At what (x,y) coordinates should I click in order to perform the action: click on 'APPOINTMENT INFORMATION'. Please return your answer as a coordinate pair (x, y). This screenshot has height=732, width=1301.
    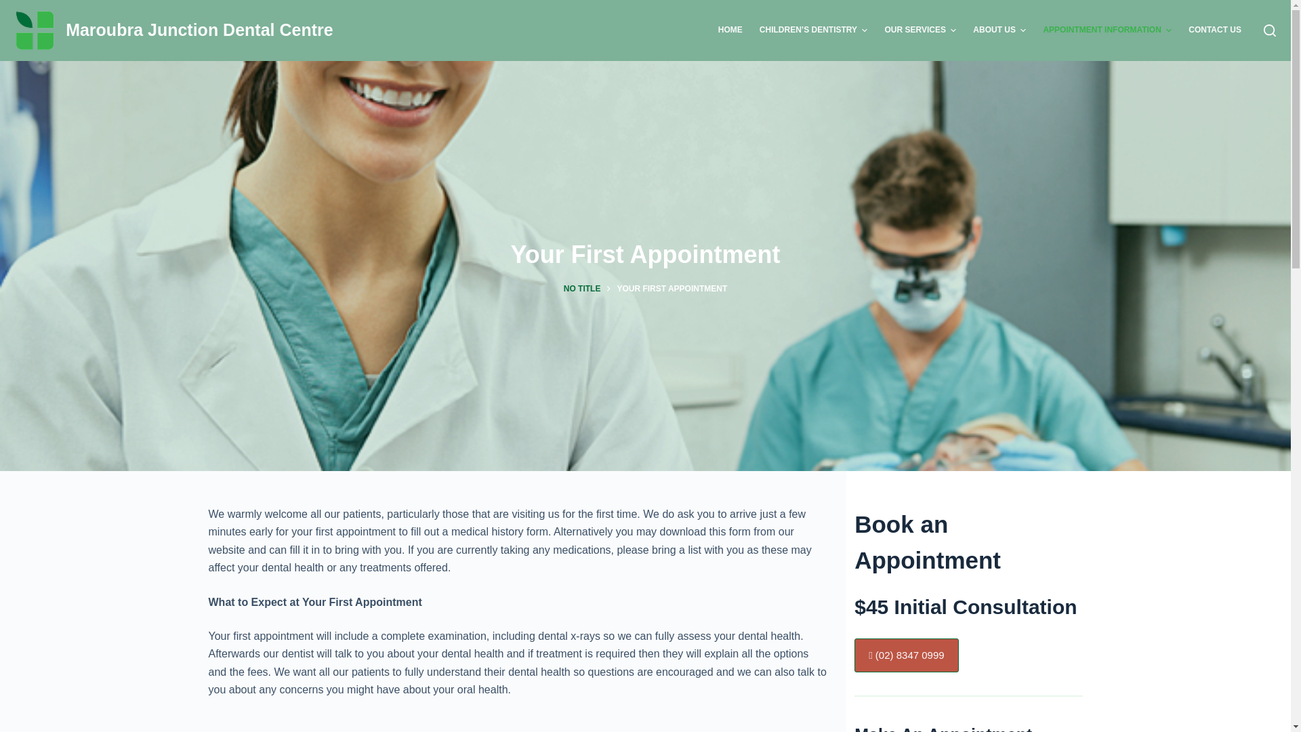
    Looking at the image, I should click on (1107, 30).